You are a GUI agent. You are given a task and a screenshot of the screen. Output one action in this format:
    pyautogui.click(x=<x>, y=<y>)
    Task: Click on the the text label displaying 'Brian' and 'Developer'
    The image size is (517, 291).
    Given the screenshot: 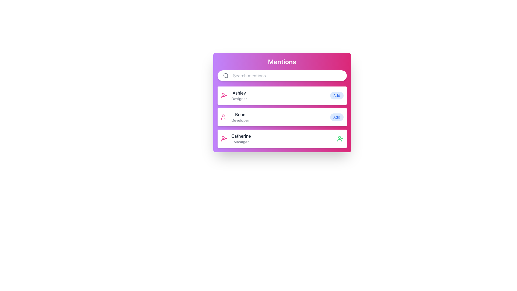 What is the action you would take?
    pyautogui.click(x=240, y=117)
    